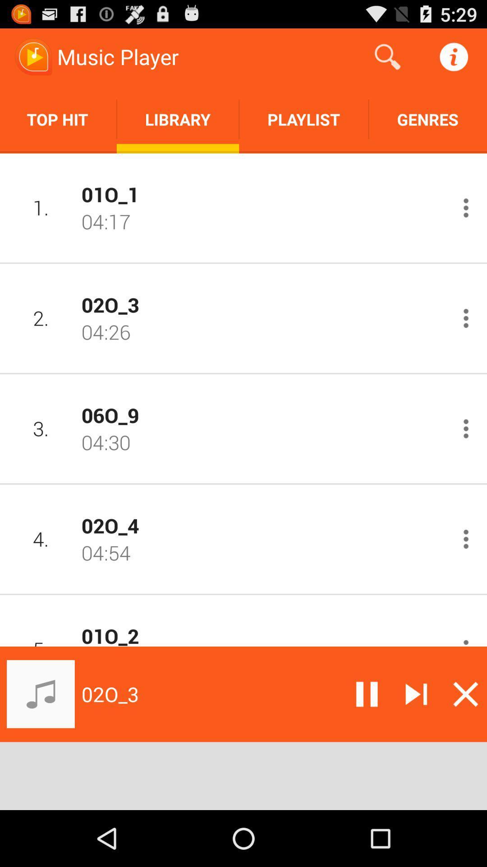 This screenshot has height=867, width=487. Describe the element at coordinates (466, 207) in the screenshot. I see `more information about track` at that location.